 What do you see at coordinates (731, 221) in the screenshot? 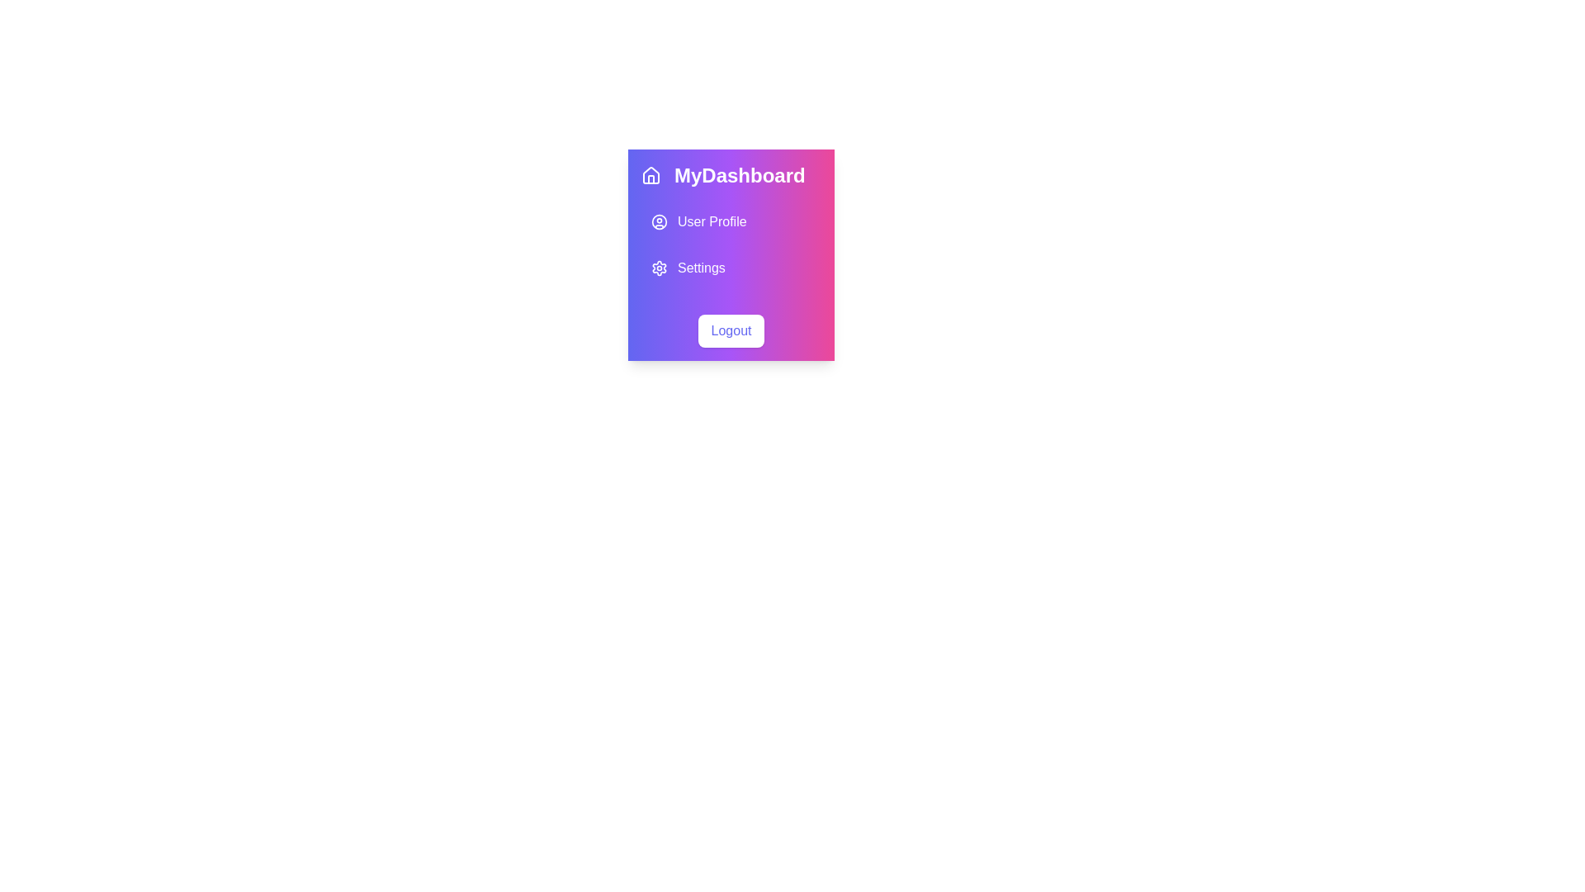
I see `the first menu item in the vertical list located below the 'MyDashboard' header` at bounding box center [731, 221].